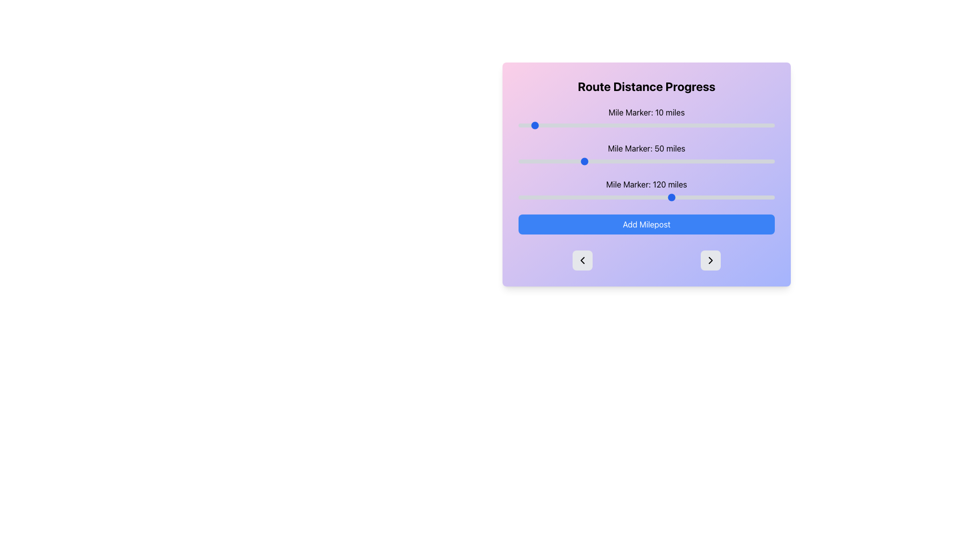  Describe the element at coordinates (646, 154) in the screenshot. I see `the '50 miles' label of the progress bar` at that location.